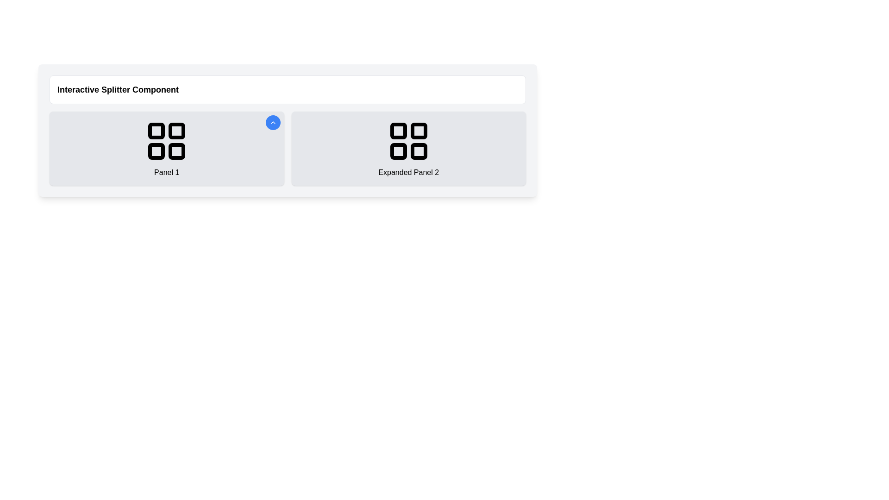 Image resolution: width=889 pixels, height=500 pixels. I want to click on to select or interact with the small square located in the bottom-right corner of the second panel in a 2x2 grid layout, so click(418, 151).